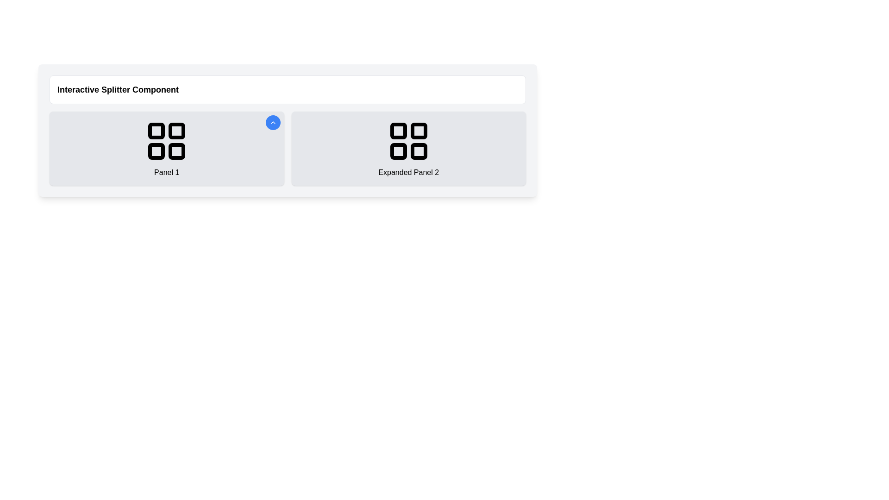 Image resolution: width=889 pixels, height=500 pixels. I want to click on to select or interact with the small square located in the bottom-right corner of the second panel in a 2x2 grid layout, so click(418, 151).